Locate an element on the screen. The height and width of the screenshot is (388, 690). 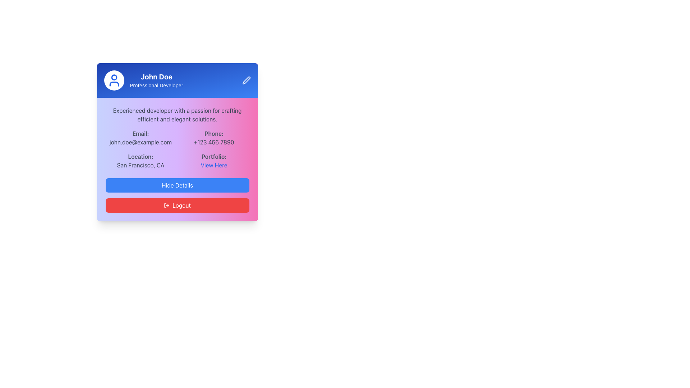
the edit icon located at the top-right corner of the user's name and profession card is located at coordinates (246, 80).